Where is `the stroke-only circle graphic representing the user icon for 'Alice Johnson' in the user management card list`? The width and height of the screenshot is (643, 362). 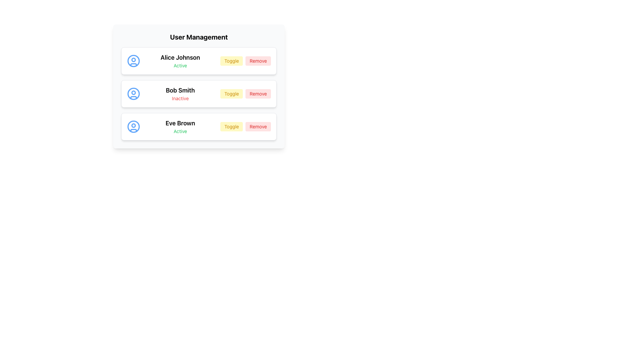 the stroke-only circle graphic representing the user icon for 'Alice Johnson' in the user management card list is located at coordinates (133, 61).